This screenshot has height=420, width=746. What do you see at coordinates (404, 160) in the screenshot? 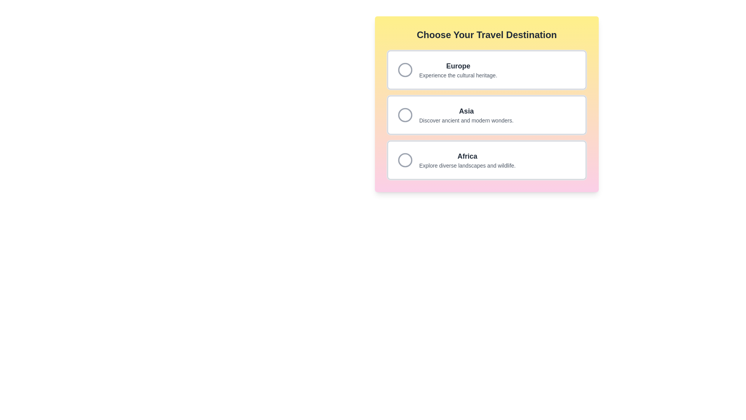
I see `the gray circular radio button located` at bounding box center [404, 160].